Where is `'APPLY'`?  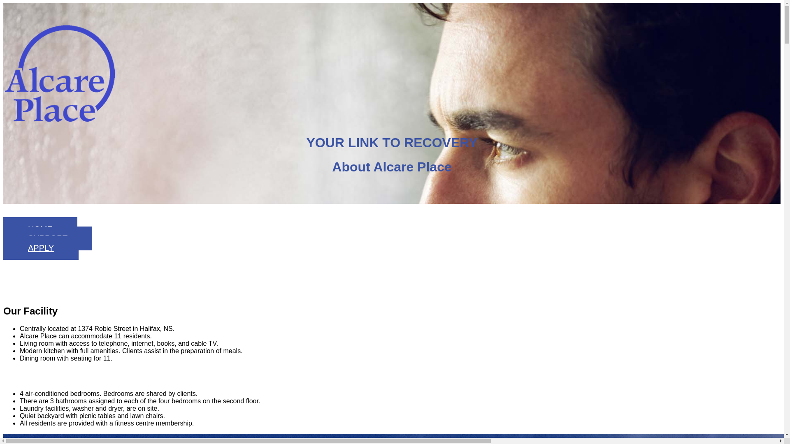
'APPLY' is located at coordinates (40, 247).